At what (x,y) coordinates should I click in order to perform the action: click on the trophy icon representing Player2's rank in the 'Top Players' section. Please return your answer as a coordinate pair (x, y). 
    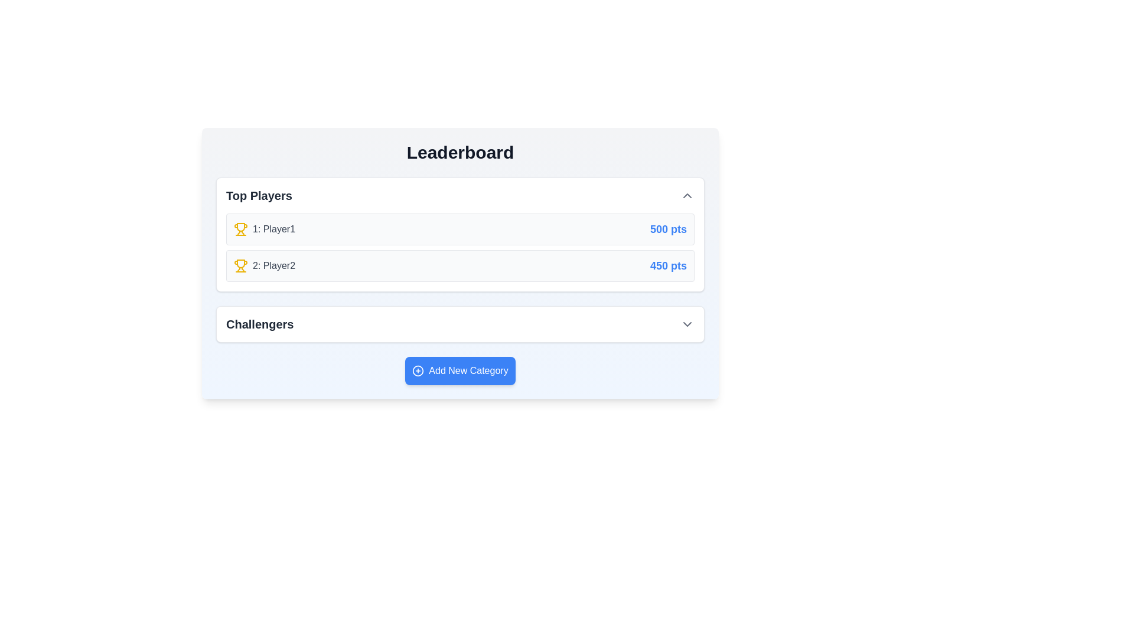
    Looking at the image, I should click on (240, 266).